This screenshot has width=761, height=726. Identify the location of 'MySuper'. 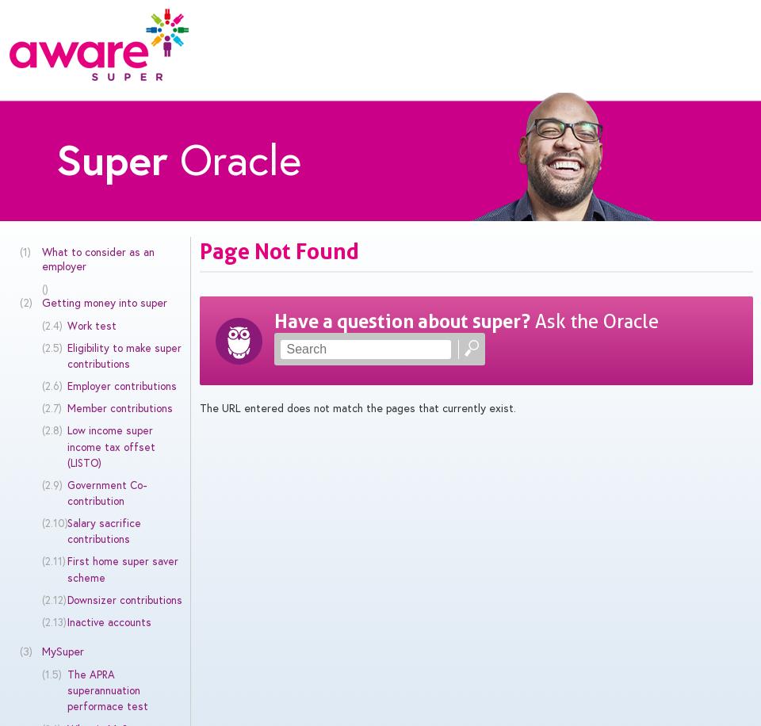
(62, 651).